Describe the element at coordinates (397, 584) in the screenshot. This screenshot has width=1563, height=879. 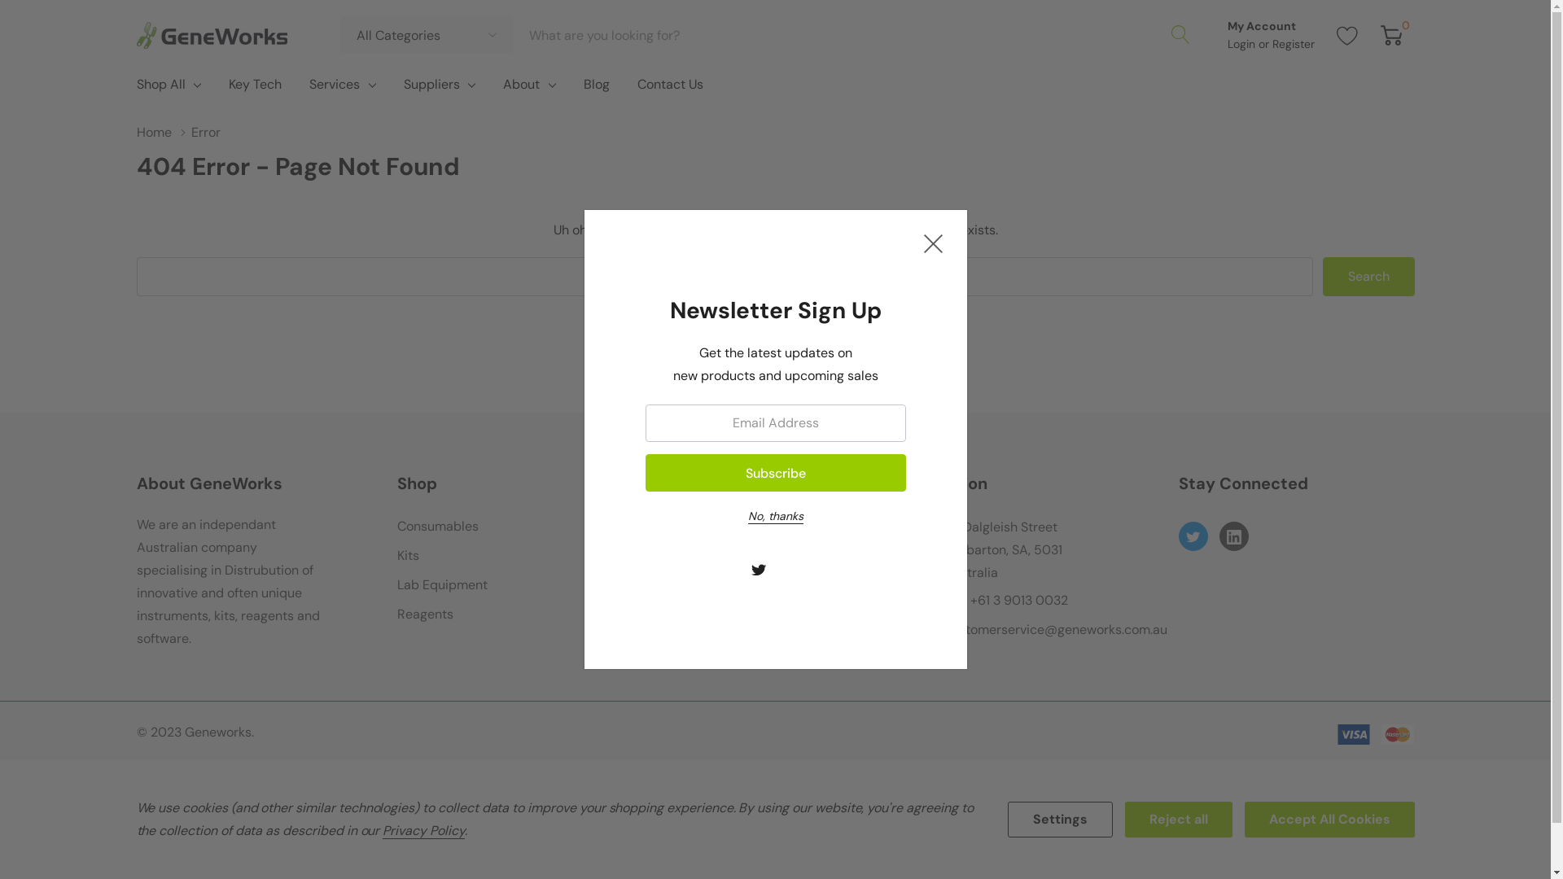
I see `'Lab Equipment'` at that location.